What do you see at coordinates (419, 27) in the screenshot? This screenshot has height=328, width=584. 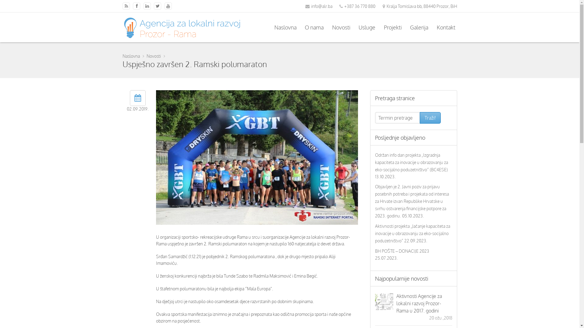 I see `'Galerija'` at bounding box center [419, 27].